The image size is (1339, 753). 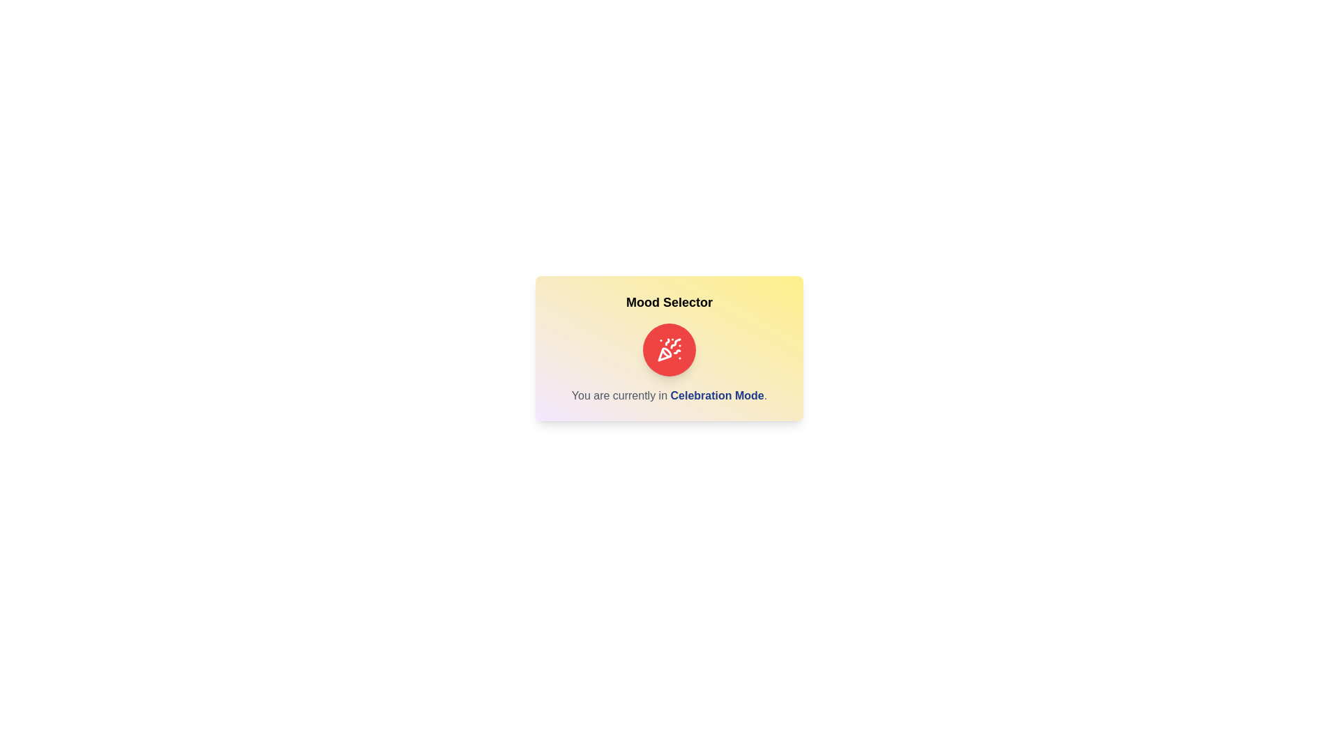 What do you see at coordinates (669, 349) in the screenshot?
I see `toggle button to switch the mood` at bounding box center [669, 349].